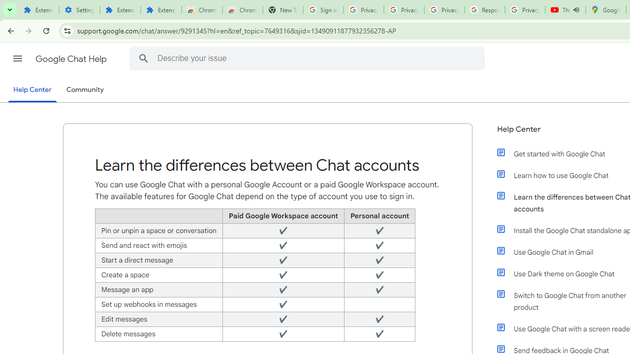  What do you see at coordinates (323, 10) in the screenshot?
I see `'Sign in - Google Accounts'` at bounding box center [323, 10].